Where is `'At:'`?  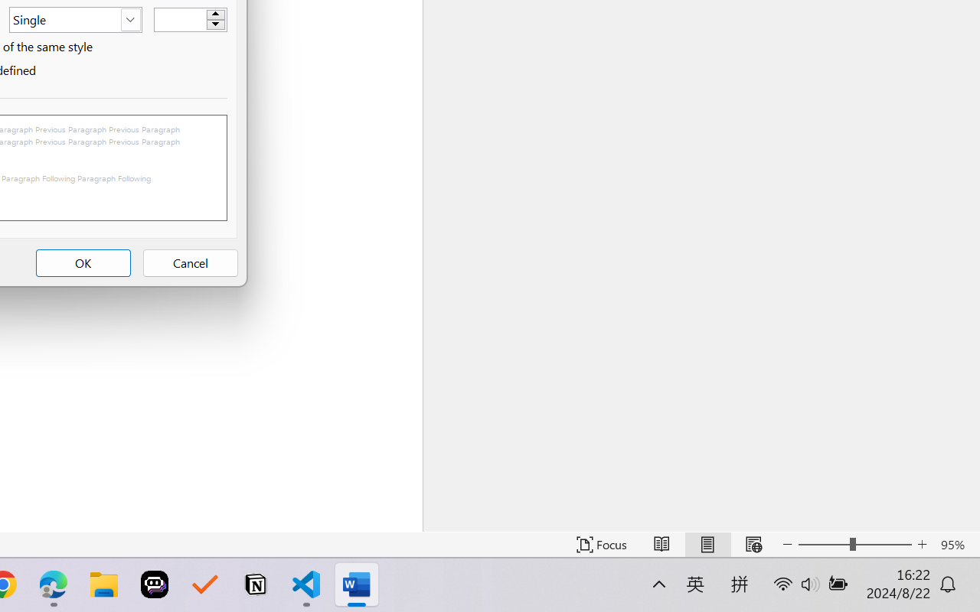
'At:' is located at coordinates (189, 19).